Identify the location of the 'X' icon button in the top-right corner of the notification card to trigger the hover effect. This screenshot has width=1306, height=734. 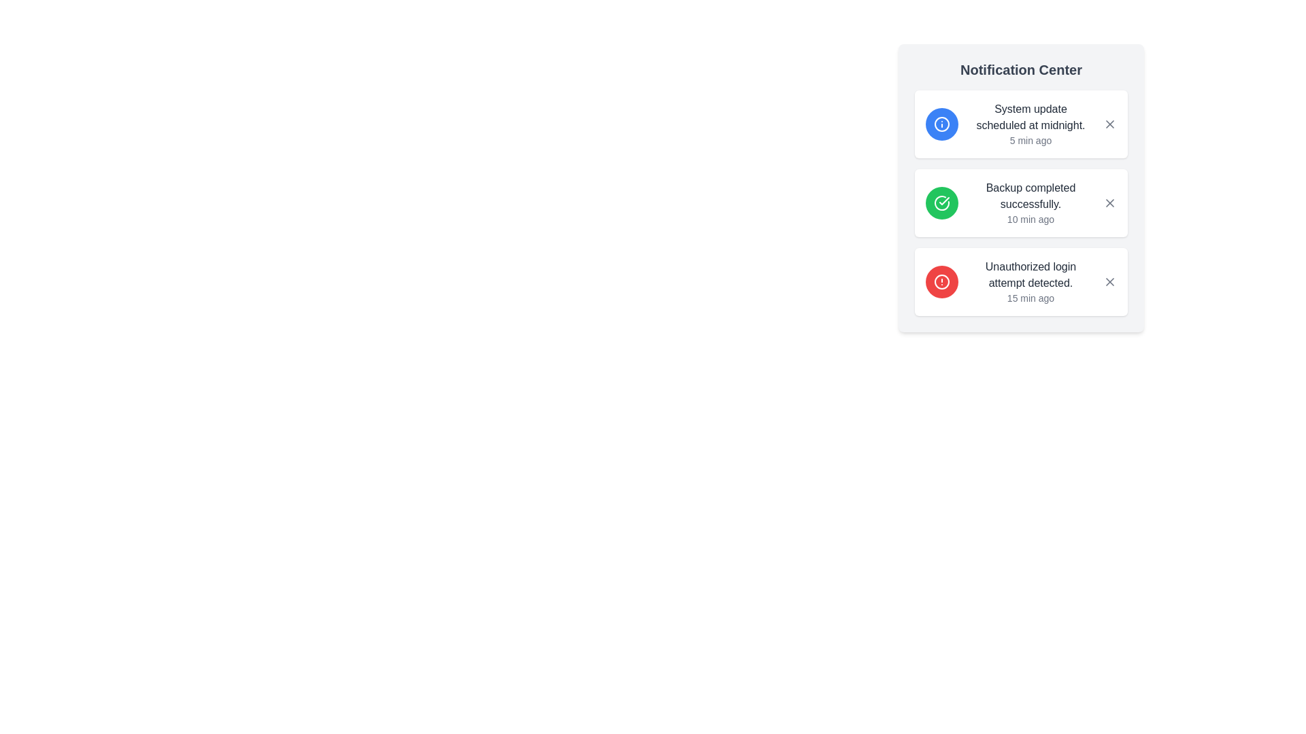
(1110, 281).